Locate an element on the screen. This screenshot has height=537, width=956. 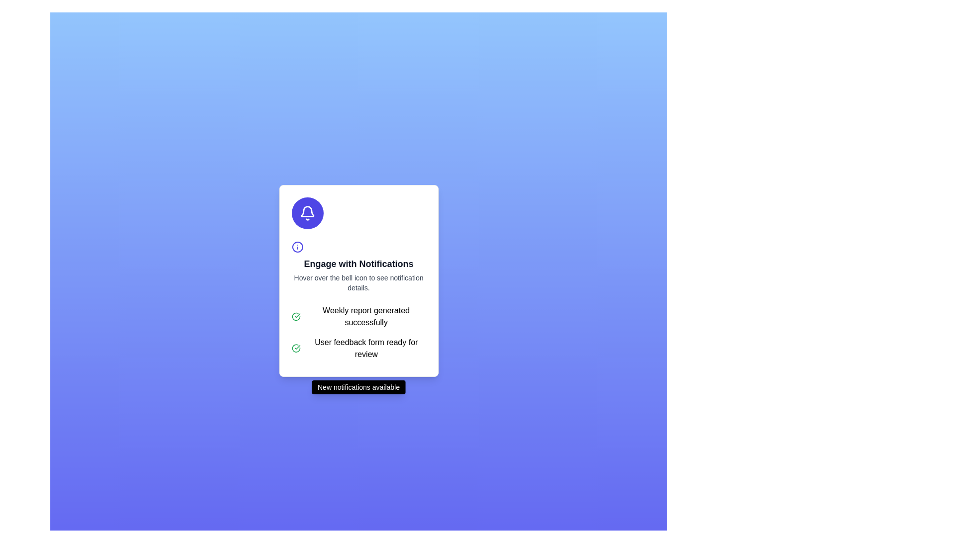
the circular bell icon located at the top of the notification card, which has a white background and rounded corners is located at coordinates (358, 280).